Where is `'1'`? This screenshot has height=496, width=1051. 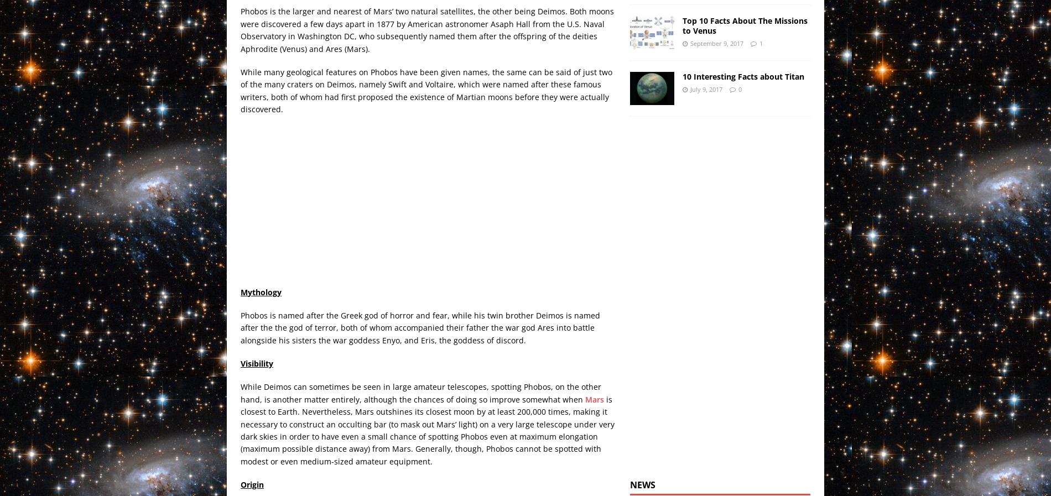
'1' is located at coordinates (760, 42).